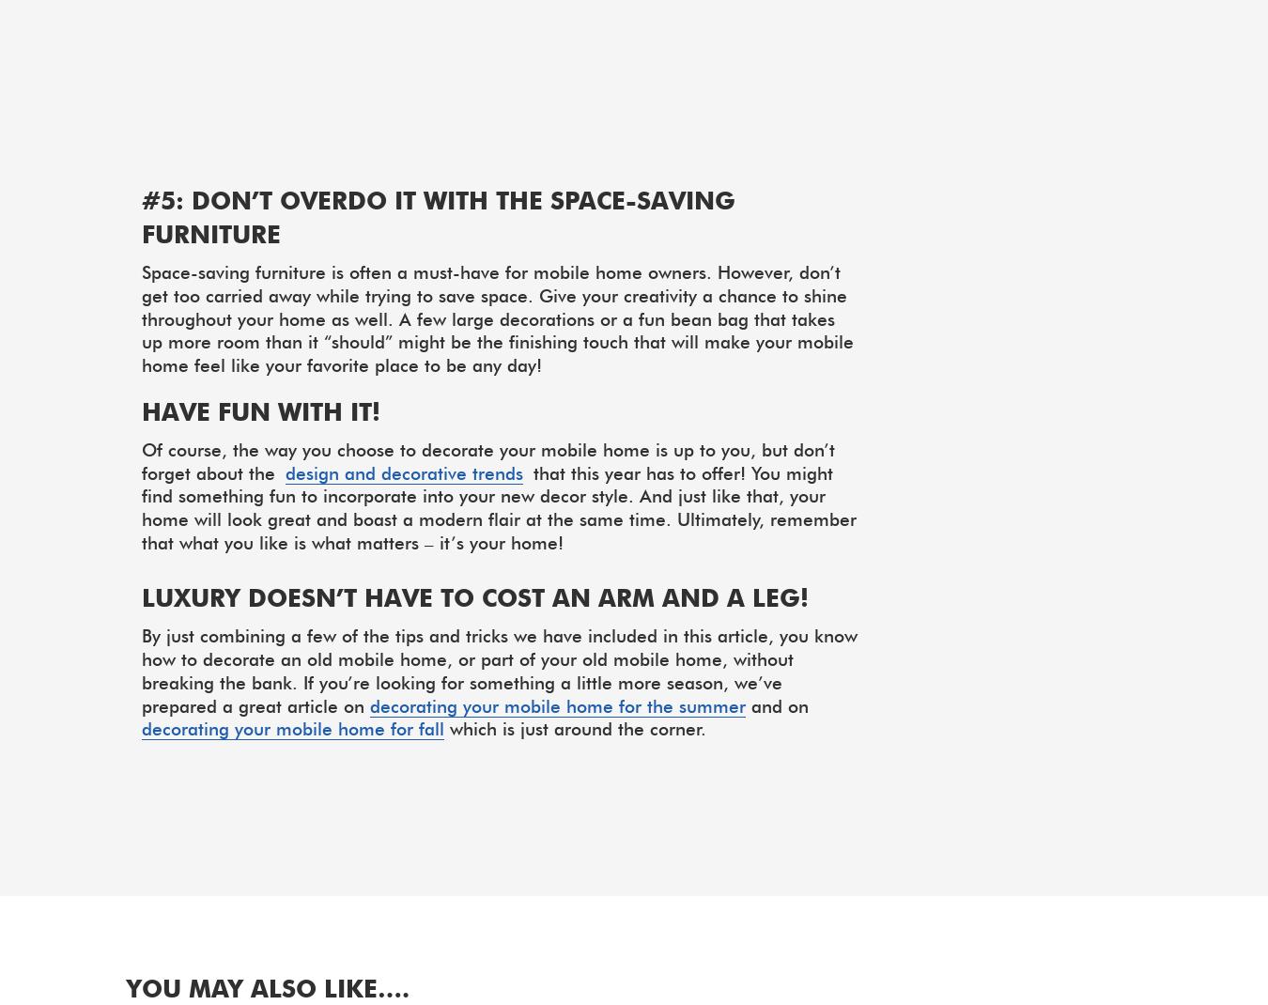  What do you see at coordinates (142, 597) in the screenshot?
I see `'Luxury doesn’t have to cost an arm and a leg!'` at bounding box center [142, 597].